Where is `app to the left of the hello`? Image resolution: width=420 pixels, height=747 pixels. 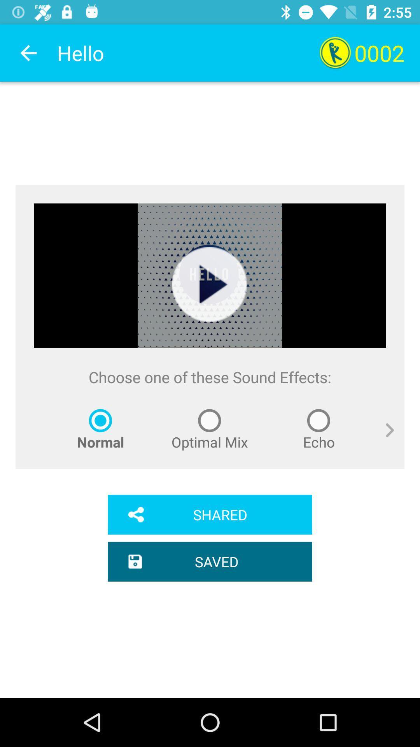 app to the left of the hello is located at coordinates (28, 53).